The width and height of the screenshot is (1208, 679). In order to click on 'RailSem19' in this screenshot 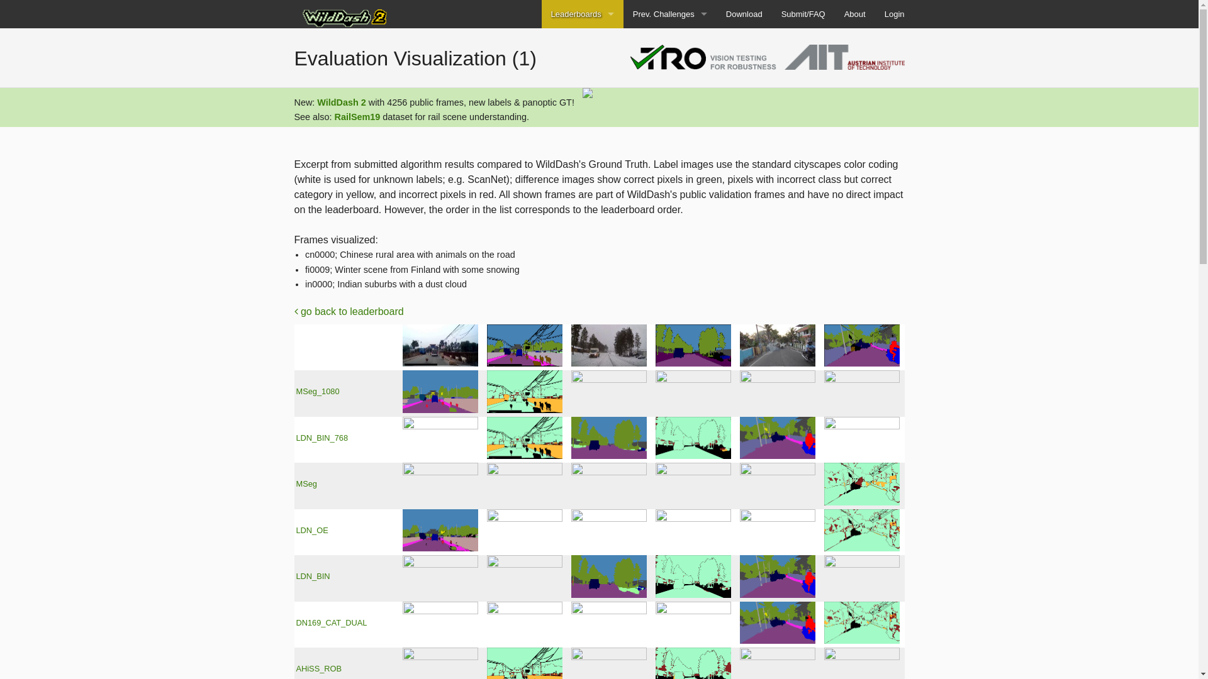, I will do `click(335, 116)`.